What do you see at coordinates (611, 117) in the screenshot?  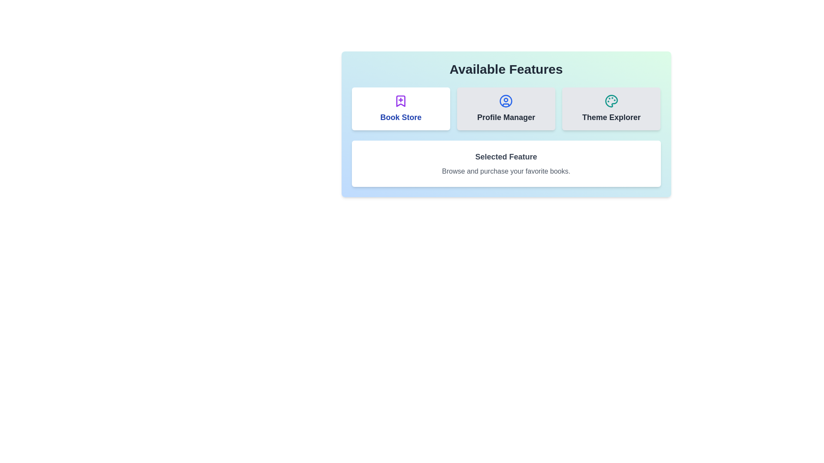 I see `the text label for the 'Theme Explorer' feature, located below the palette icon on the third card in the horizontal row of feature selectors` at bounding box center [611, 117].